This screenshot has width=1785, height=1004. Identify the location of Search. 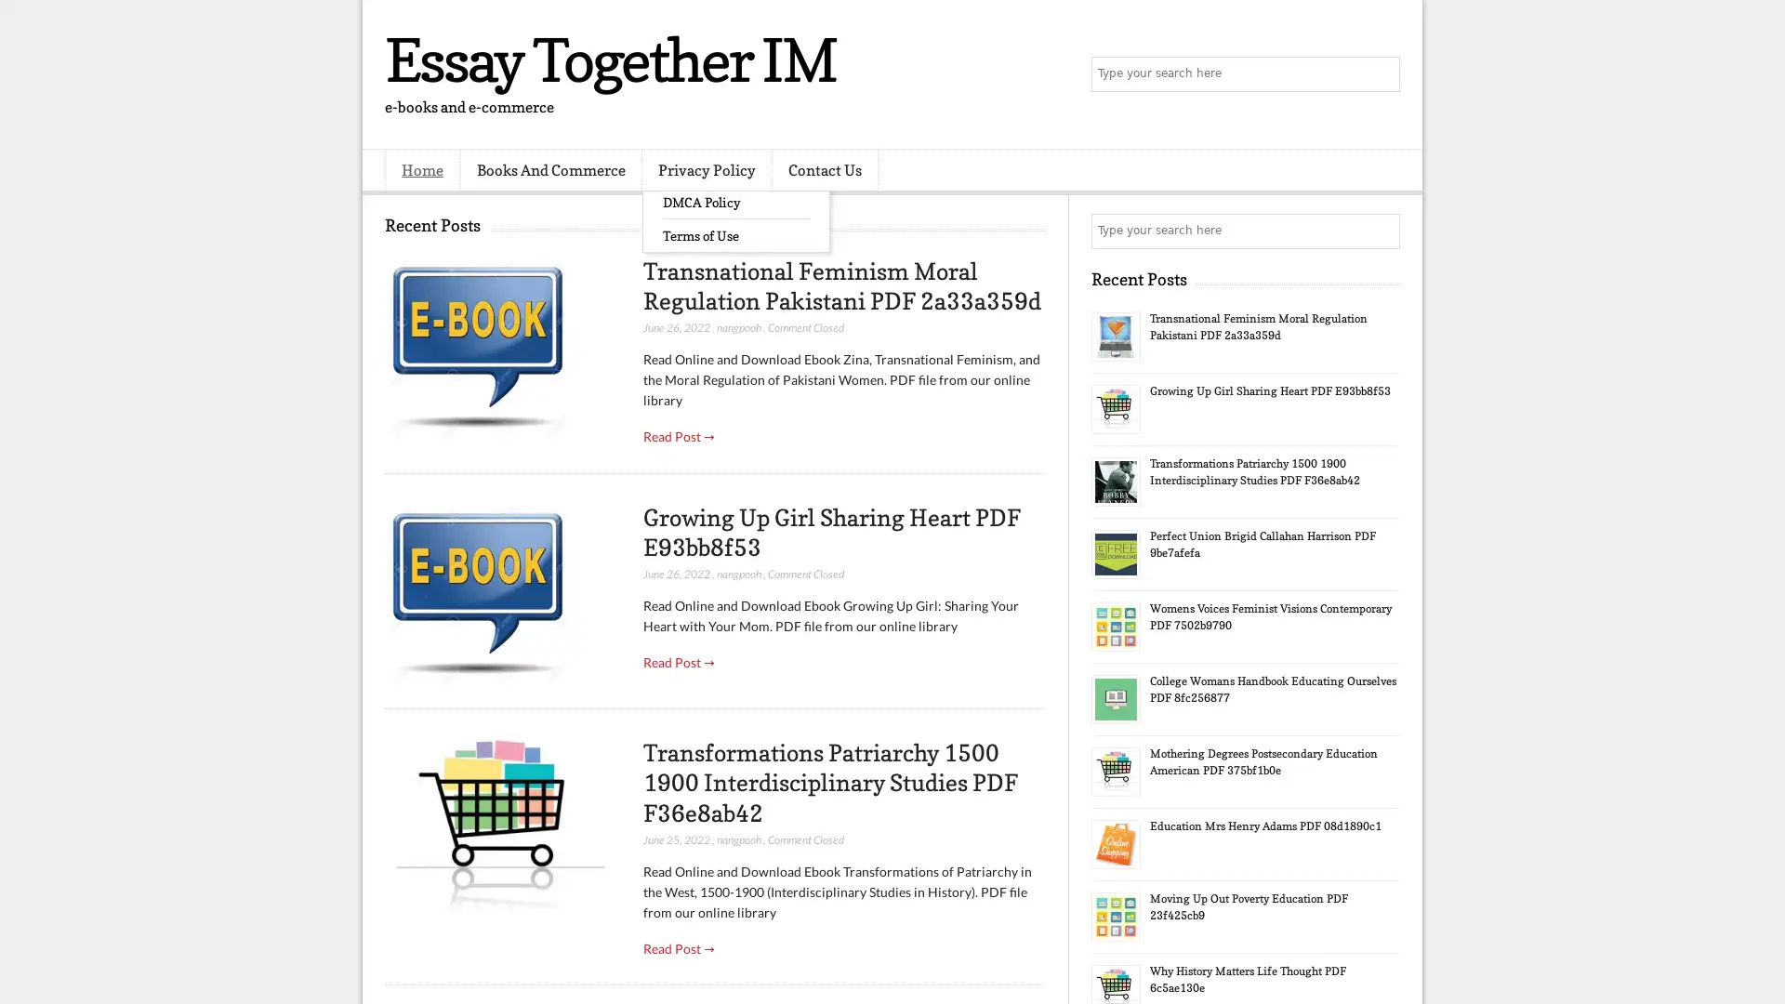
(1381, 74).